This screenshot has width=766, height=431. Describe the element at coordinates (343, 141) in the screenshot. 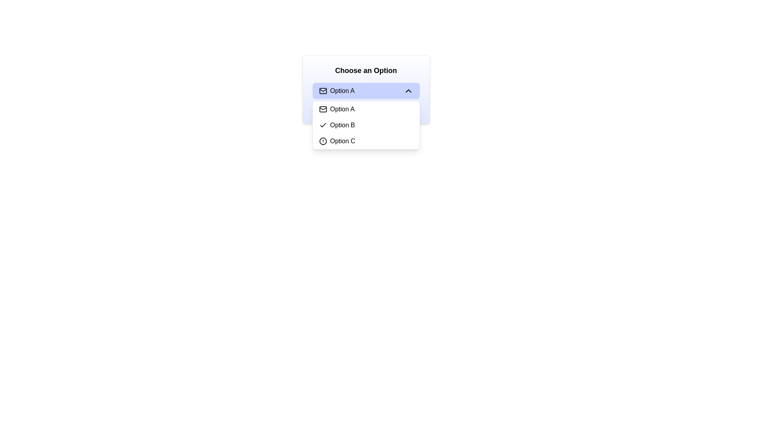

I see `the 'Option C' text label inside the dropdown menu beneath the 'Choose an Option' label` at that location.